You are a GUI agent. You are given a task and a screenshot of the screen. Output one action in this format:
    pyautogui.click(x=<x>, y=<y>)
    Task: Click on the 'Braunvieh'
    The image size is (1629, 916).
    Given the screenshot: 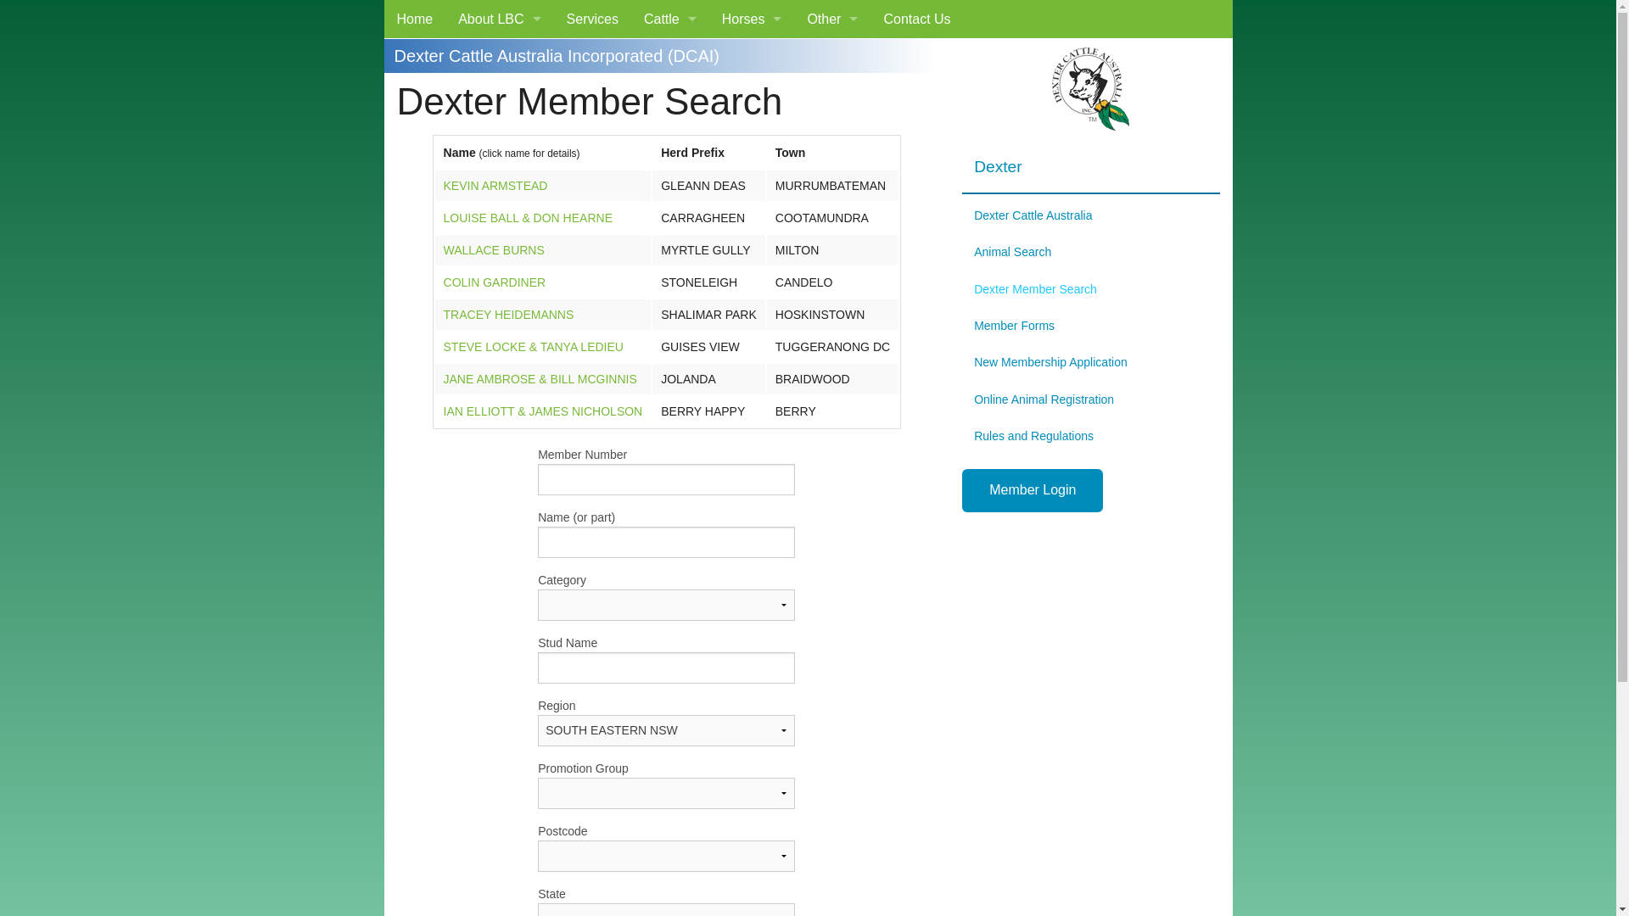 What is the action you would take?
    pyautogui.click(x=669, y=95)
    